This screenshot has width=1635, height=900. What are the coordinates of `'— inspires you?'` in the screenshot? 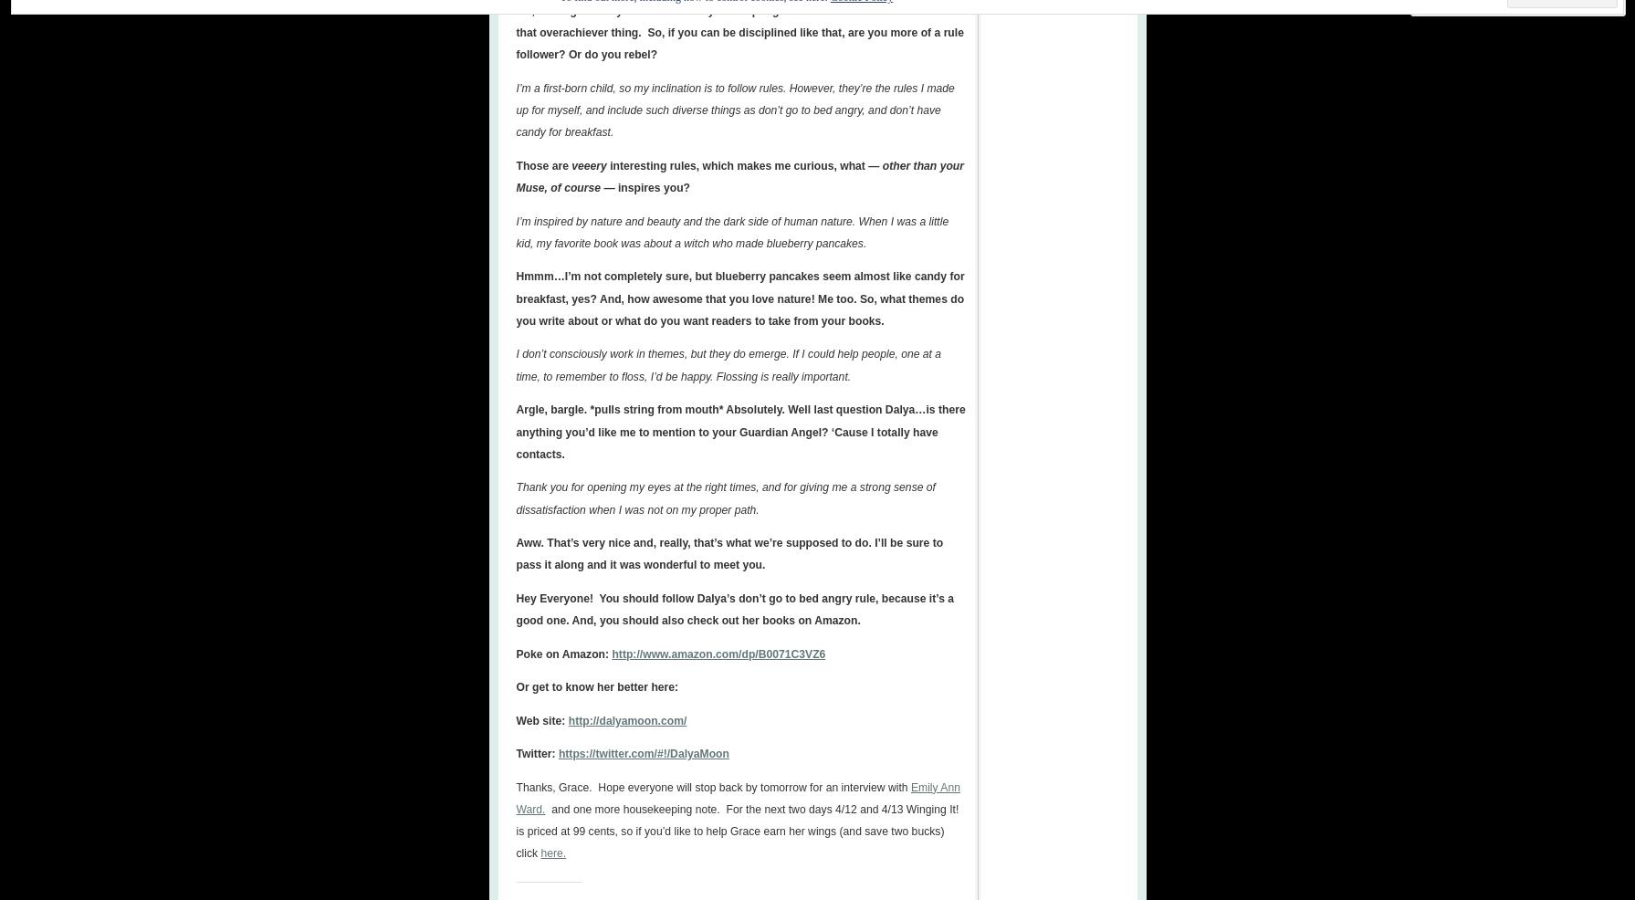 It's located at (646, 186).